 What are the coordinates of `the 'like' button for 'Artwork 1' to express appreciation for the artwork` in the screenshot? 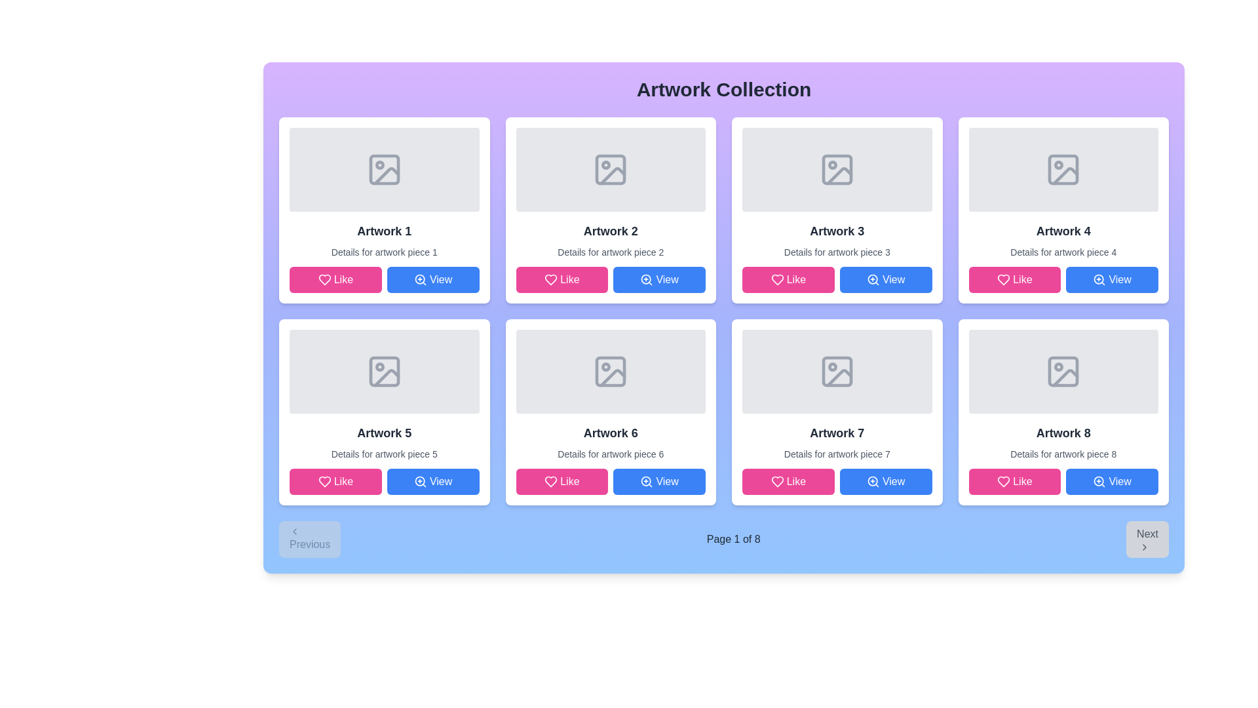 It's located at (335, 279).